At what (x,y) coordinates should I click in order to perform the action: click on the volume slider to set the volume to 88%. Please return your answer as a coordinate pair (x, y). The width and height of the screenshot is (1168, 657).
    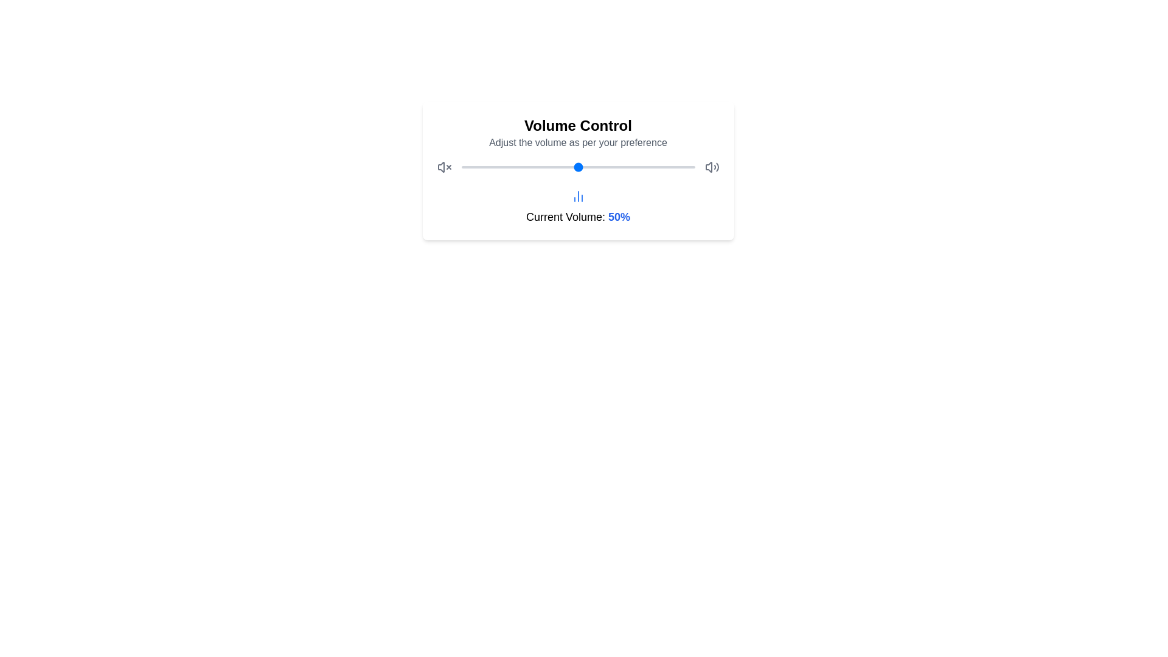
    Looking at the image, I should click on (666, 167).